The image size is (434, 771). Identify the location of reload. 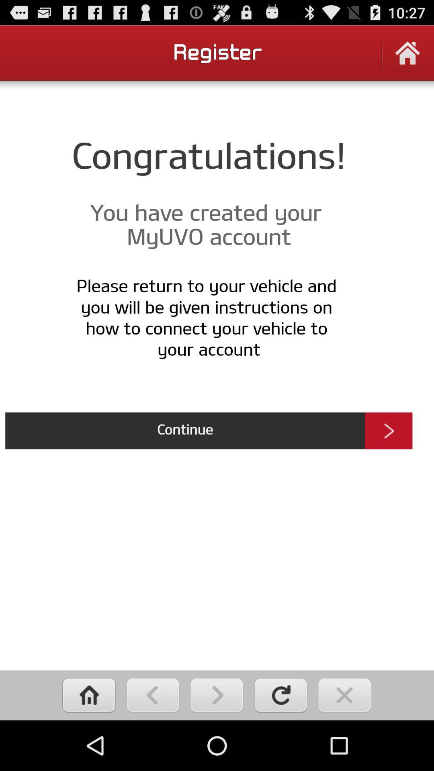
(280, 695).